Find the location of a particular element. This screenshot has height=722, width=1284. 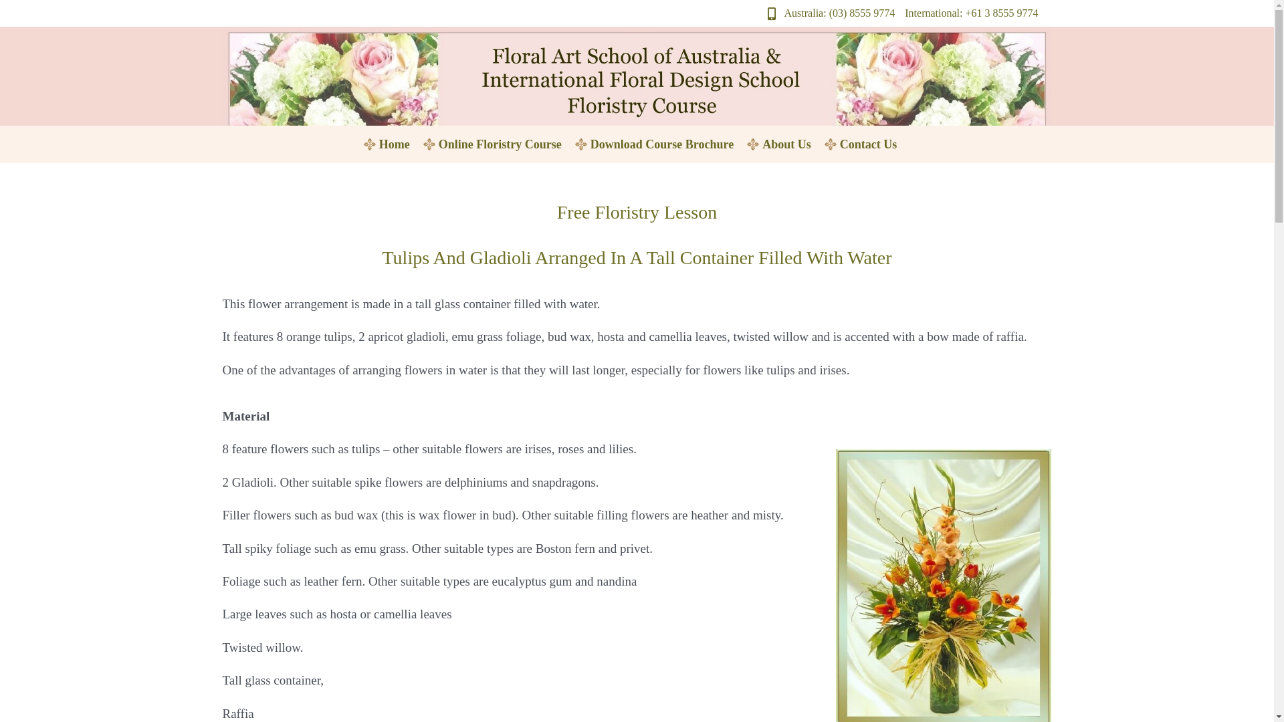

'Online Floristry Course' is located at coordinates (500, 144).